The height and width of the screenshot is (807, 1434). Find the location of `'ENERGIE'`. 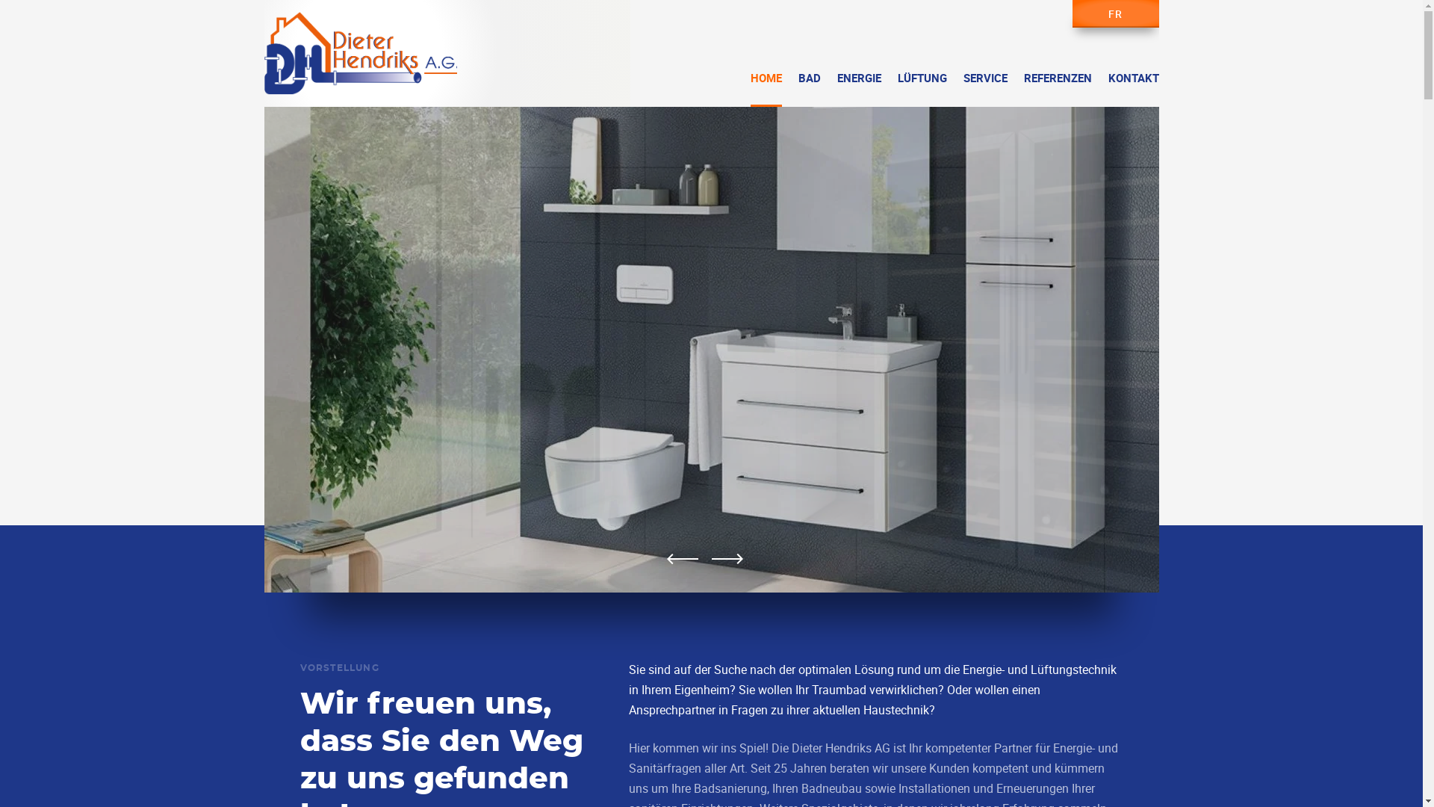

'ENERGIE' is located at coordinates (858, 89).